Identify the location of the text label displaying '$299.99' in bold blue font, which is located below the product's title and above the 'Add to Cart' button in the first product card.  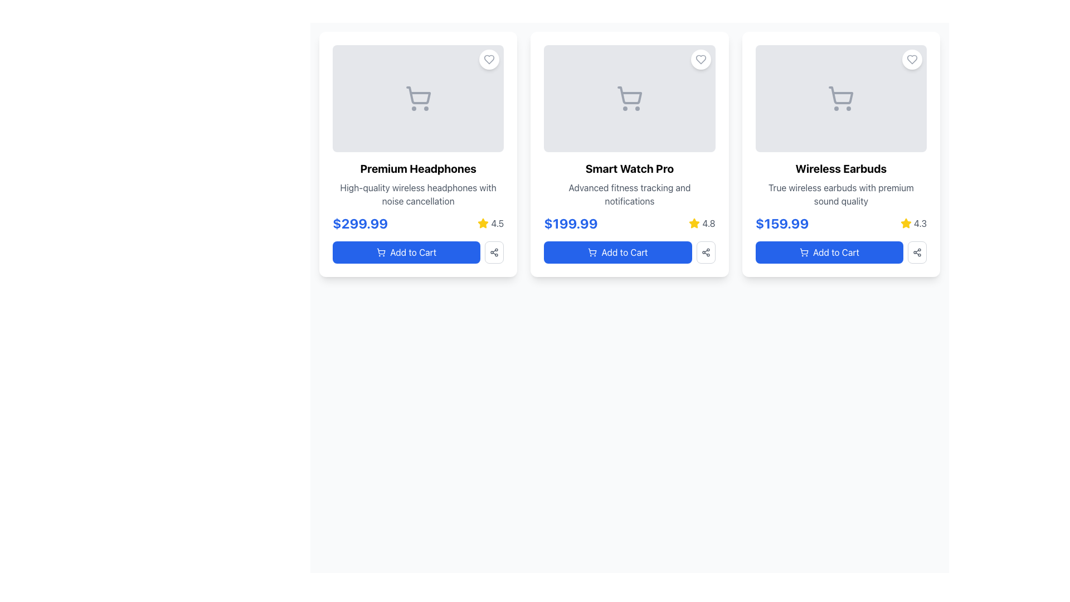
(360, 224).